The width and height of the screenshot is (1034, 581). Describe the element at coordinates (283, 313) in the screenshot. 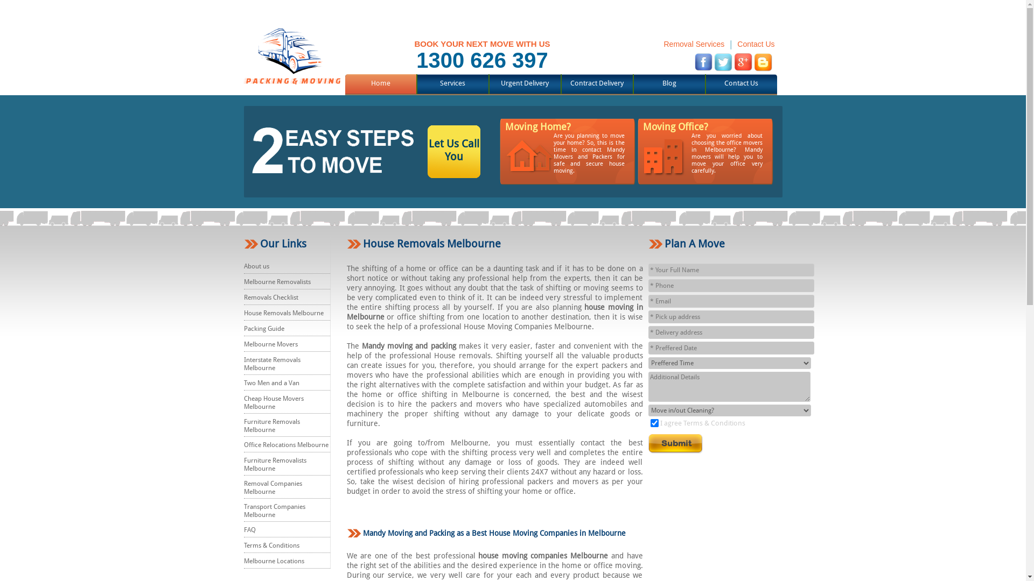

I see `'House Removals Melbourne'` at that location.